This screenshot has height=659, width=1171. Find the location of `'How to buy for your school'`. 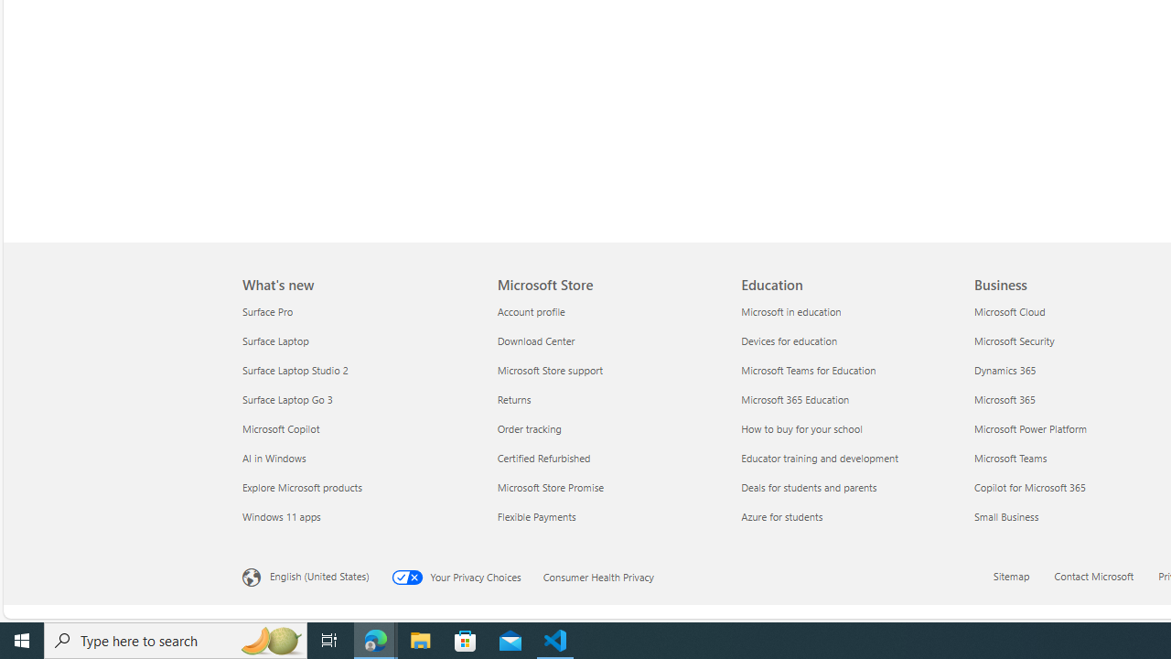

'How to buy for your school' is located at coordinates (851, 428).